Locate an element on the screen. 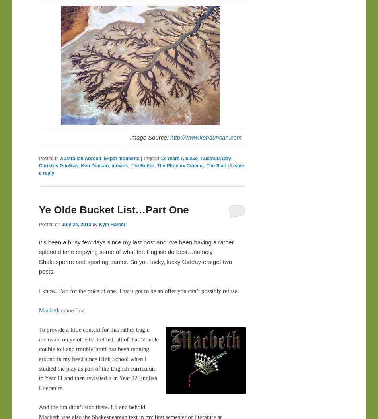  'came first.' is located at coordinates (73, 310).